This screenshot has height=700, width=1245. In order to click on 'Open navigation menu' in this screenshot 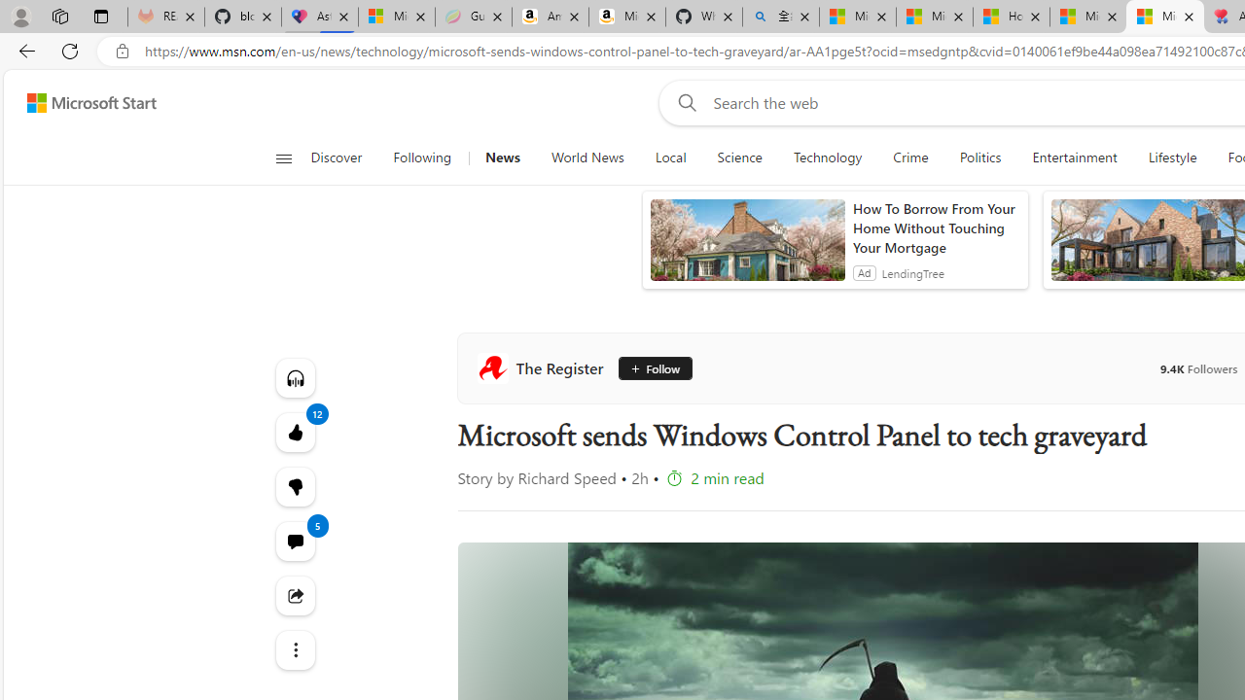, I will do `click(282, 157)`.